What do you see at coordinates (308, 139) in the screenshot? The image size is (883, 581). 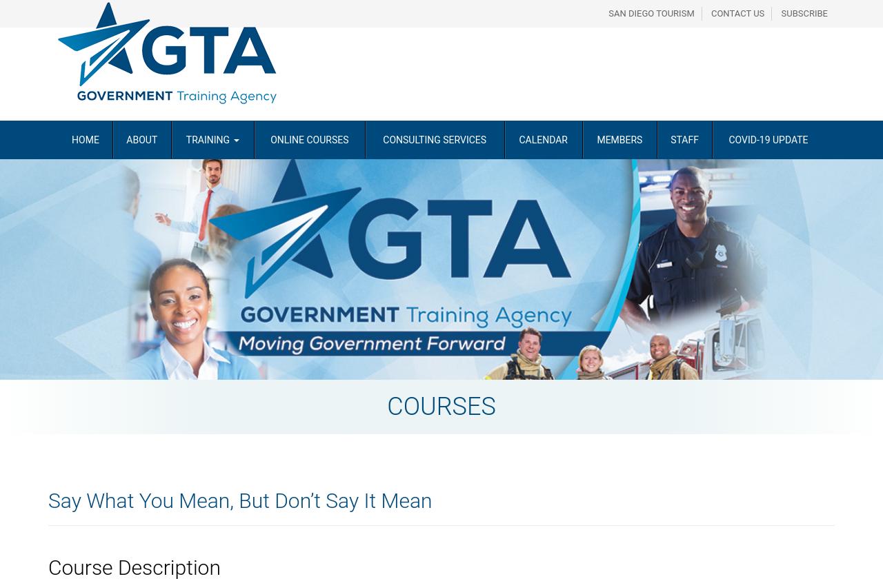 I see `'Online Courses'` at bounding box center [308, 139].